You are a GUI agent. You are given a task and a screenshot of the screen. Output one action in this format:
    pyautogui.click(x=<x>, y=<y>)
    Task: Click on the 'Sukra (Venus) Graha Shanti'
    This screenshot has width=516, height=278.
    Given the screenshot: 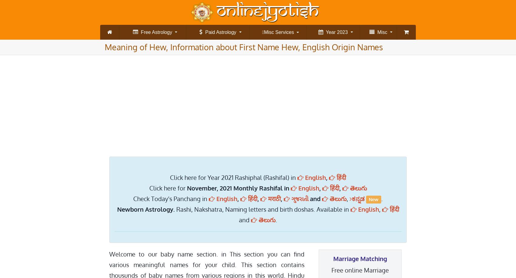 What is the action you would take?
    pyautogui.click(x=195, y=62)
    